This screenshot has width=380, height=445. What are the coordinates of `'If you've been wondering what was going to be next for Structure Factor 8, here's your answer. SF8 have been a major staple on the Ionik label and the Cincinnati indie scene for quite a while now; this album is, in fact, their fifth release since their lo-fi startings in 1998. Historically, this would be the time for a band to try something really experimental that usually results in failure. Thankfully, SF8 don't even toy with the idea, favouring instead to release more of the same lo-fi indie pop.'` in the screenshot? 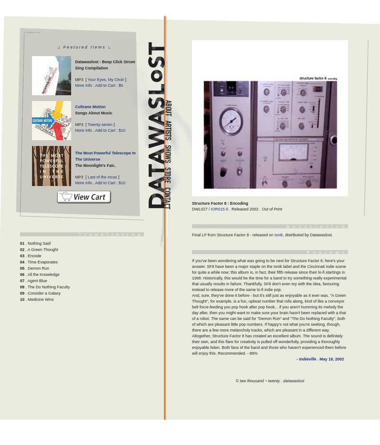 It's located at (269, 275).